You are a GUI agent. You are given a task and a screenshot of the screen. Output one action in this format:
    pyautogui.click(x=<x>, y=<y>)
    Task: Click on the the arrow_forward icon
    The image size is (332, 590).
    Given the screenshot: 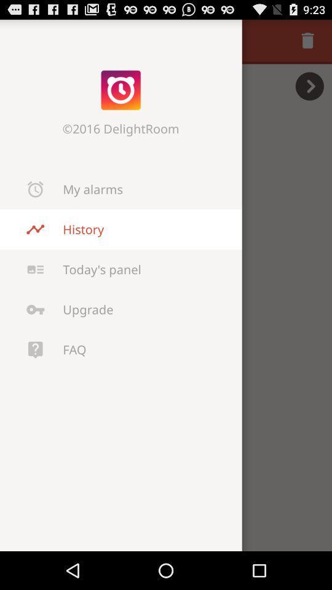 What is the action you would take?
    pyautogui.click(x=309, y=91)
    